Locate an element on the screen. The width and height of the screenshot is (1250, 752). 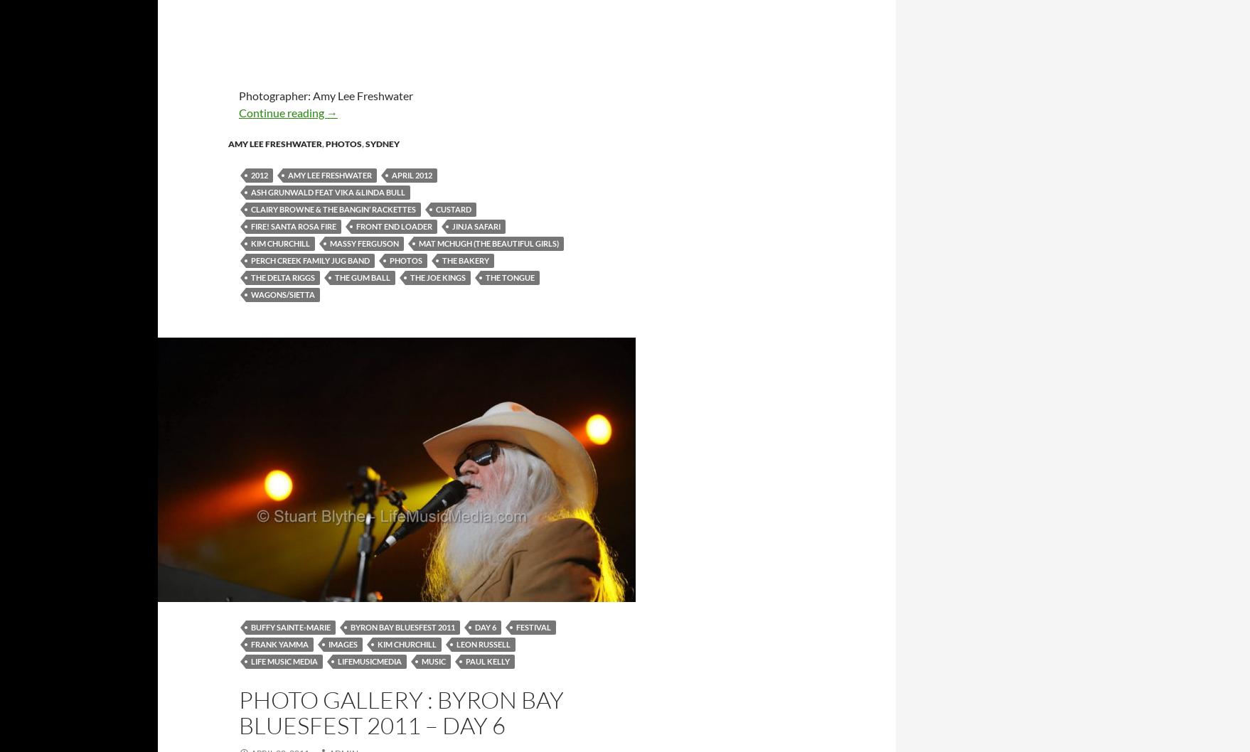
'Continue reading' is located at coordinates (282, 111).